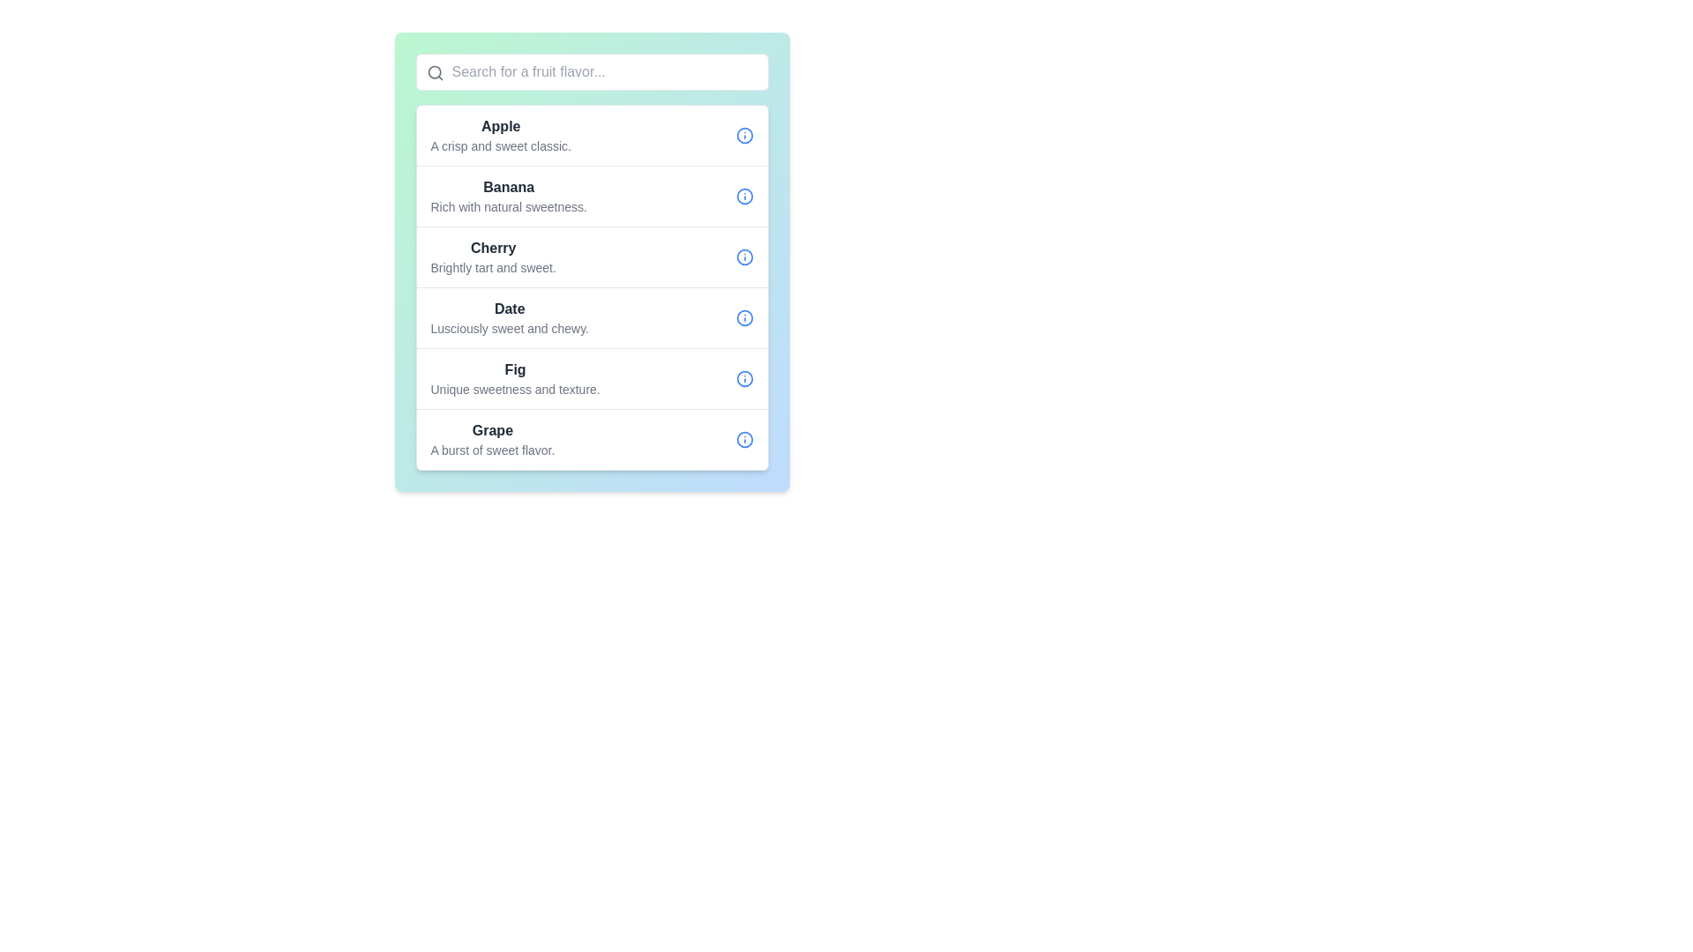 This screenshot has height=952, width=1693. I want to click on the title element for the entry about 'Grape' which is located above the descriptive text 'A burst of sweet flavor.', so click(492, 431).